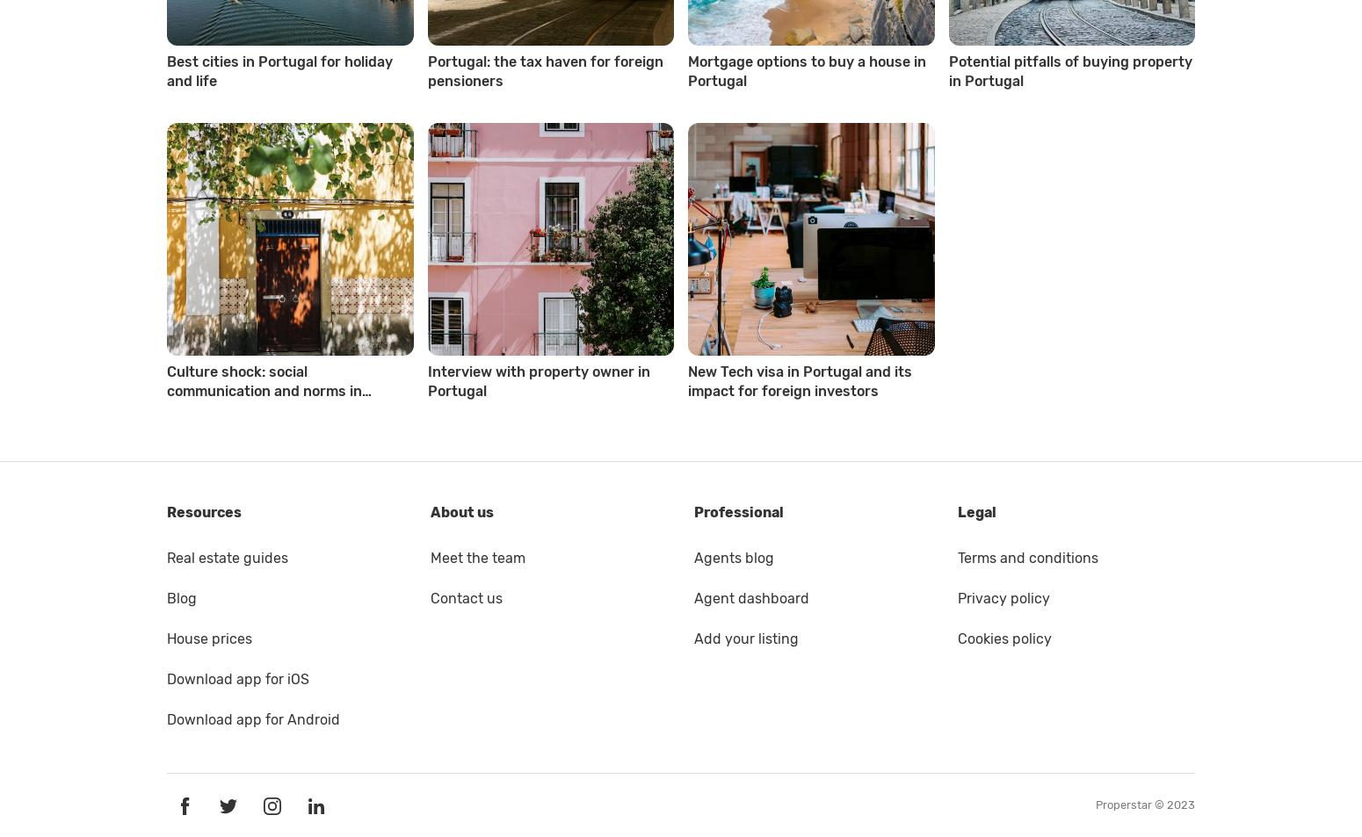  What do you see at coordinates (1144, 804) in the screenshot?
I see `'Properstar © 2023'` at bounding box center [1144, 804].